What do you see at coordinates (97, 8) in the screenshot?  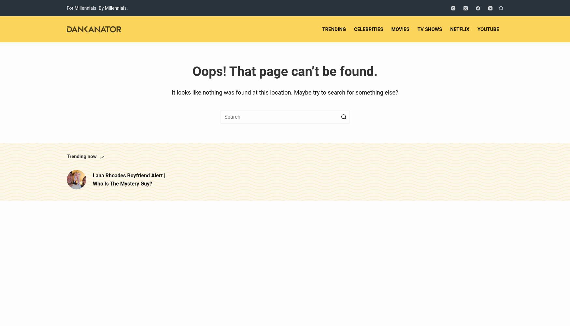 I see `'For Millennials. By Millennials.'` at bounding box center [97, 8].